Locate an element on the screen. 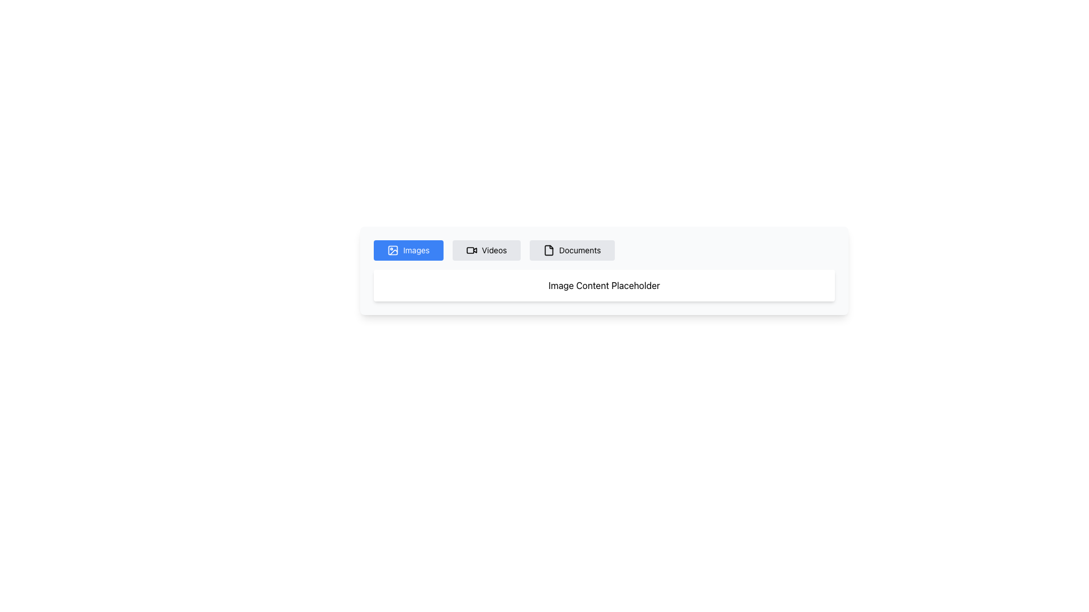  the 'Images' text label which is styled with white text inside a bright blue button, located near the upper left of the main content area, to interact with the button containing it is located at coordinates (416, 250).